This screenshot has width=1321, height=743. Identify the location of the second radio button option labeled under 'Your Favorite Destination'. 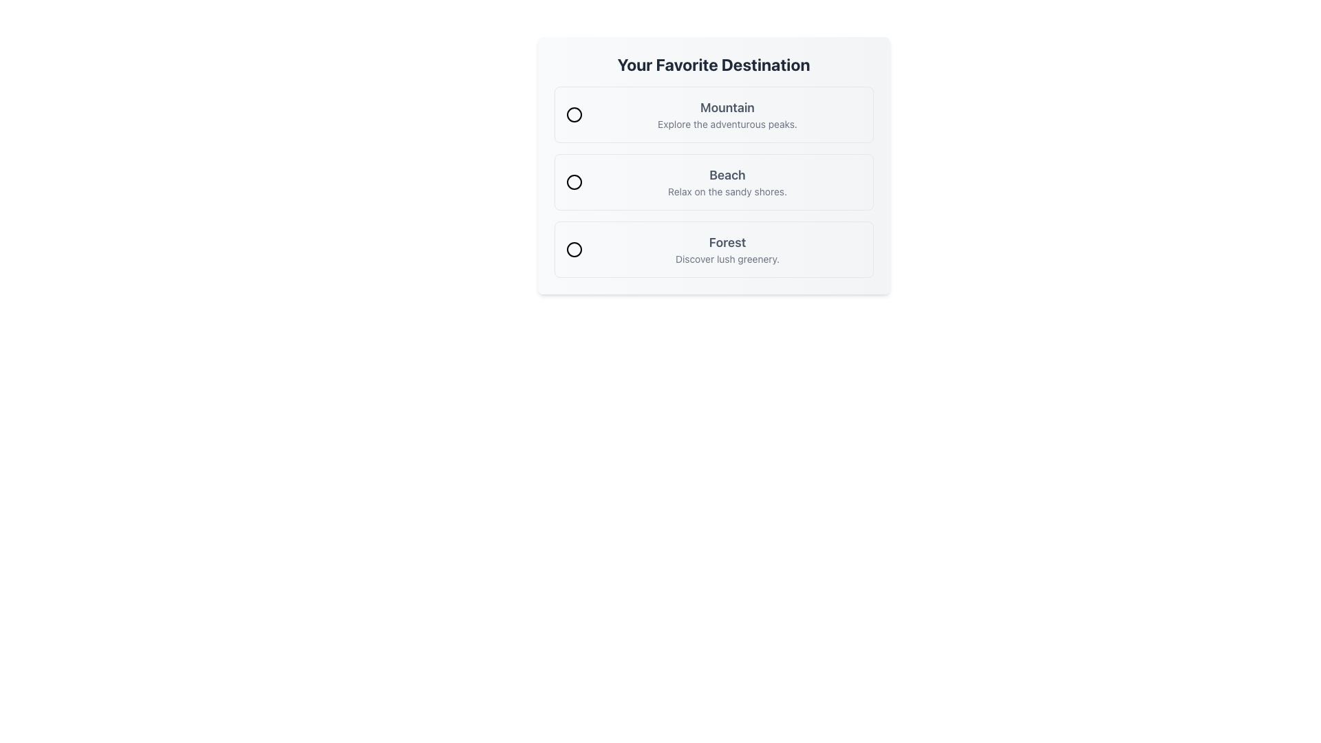
(713, 182).